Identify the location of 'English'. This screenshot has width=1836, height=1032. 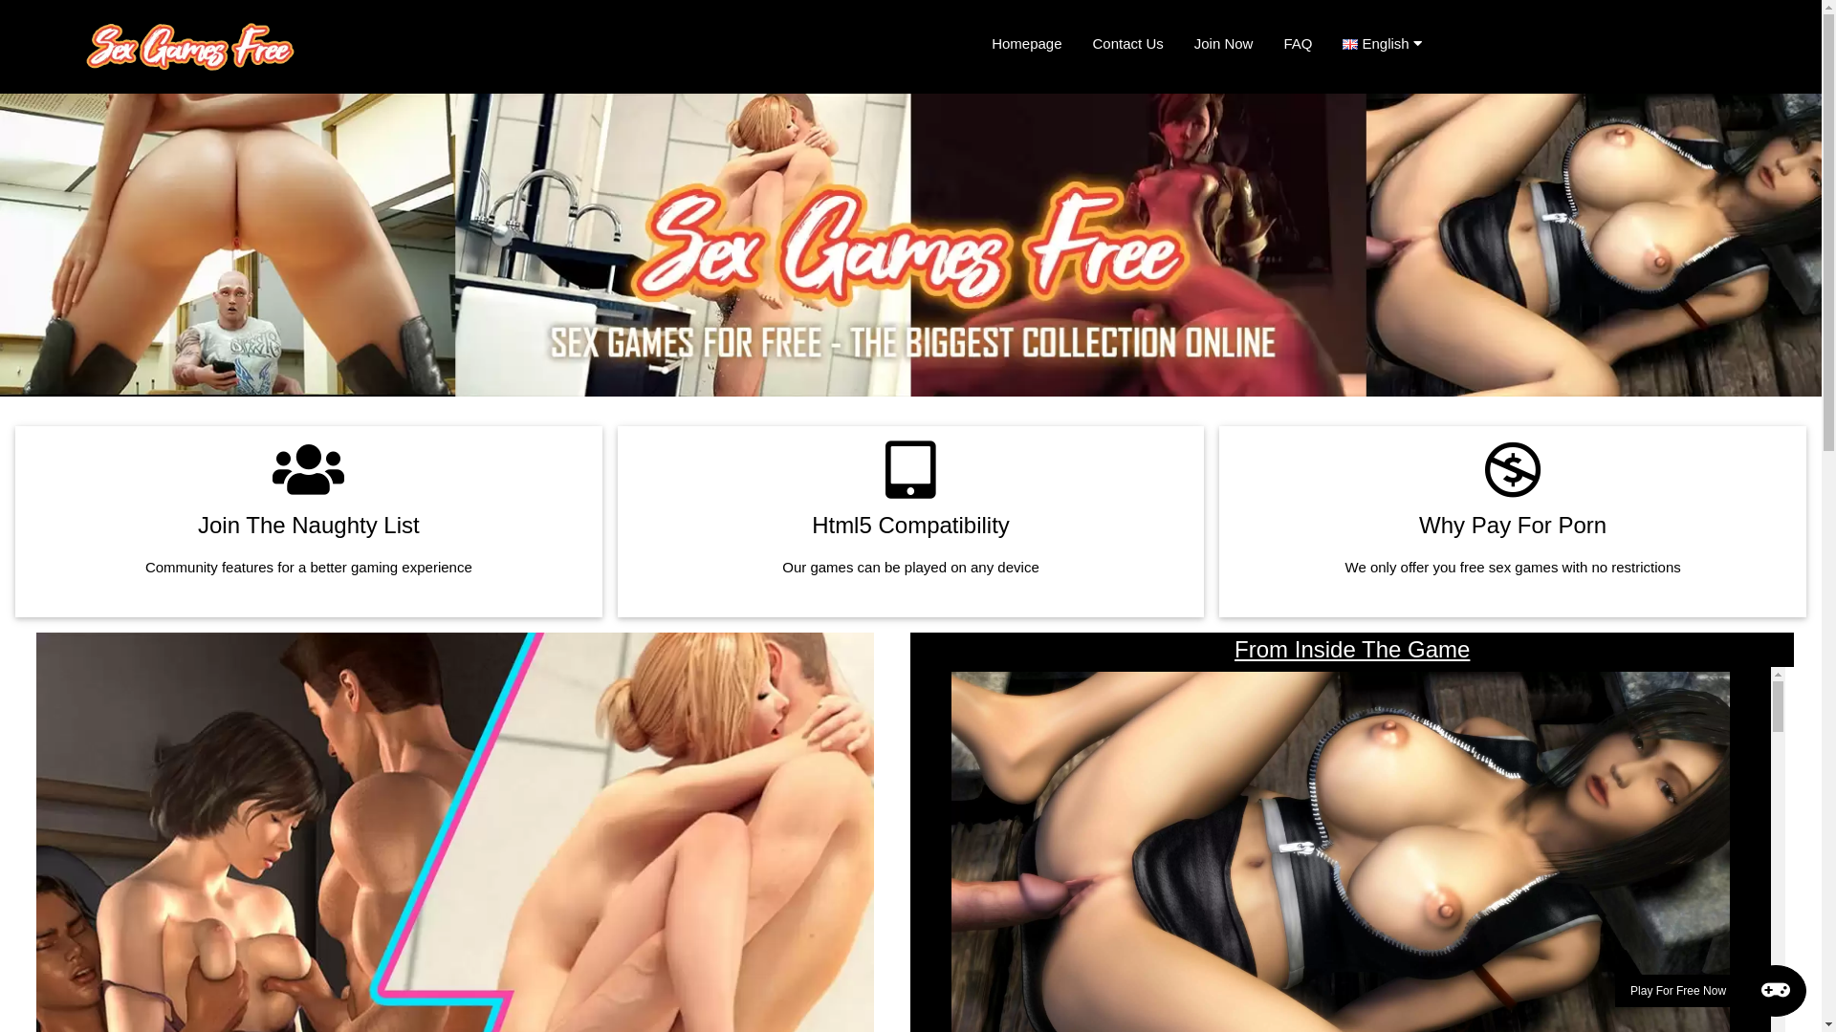
(1389, 43).